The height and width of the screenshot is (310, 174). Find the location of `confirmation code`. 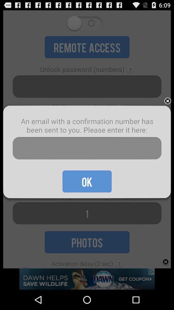

confirmation code is located at coordinates (87, 148).